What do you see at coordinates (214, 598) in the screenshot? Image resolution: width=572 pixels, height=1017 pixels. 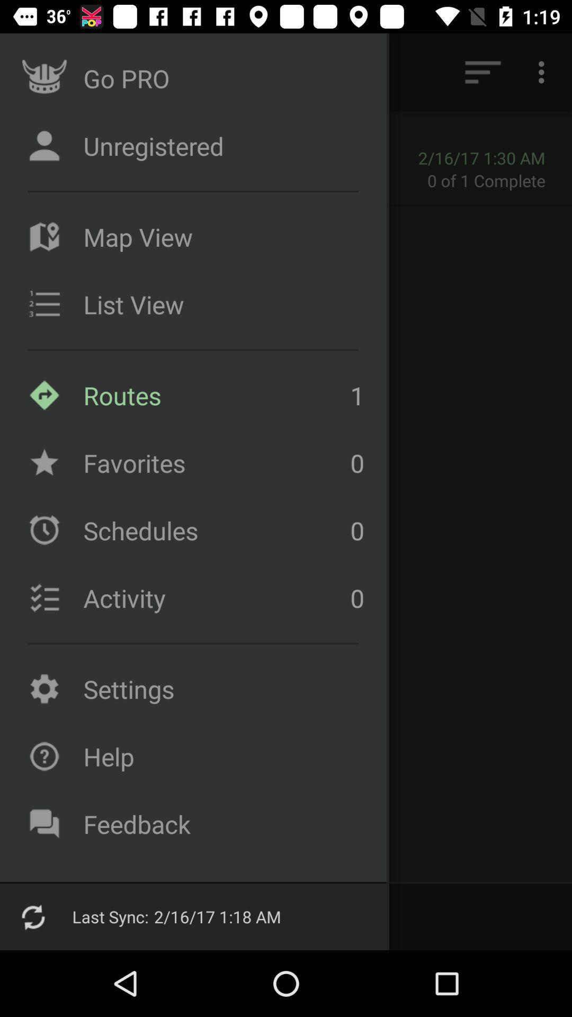 I see `item below the schedules` at bounding box center [214, 598].